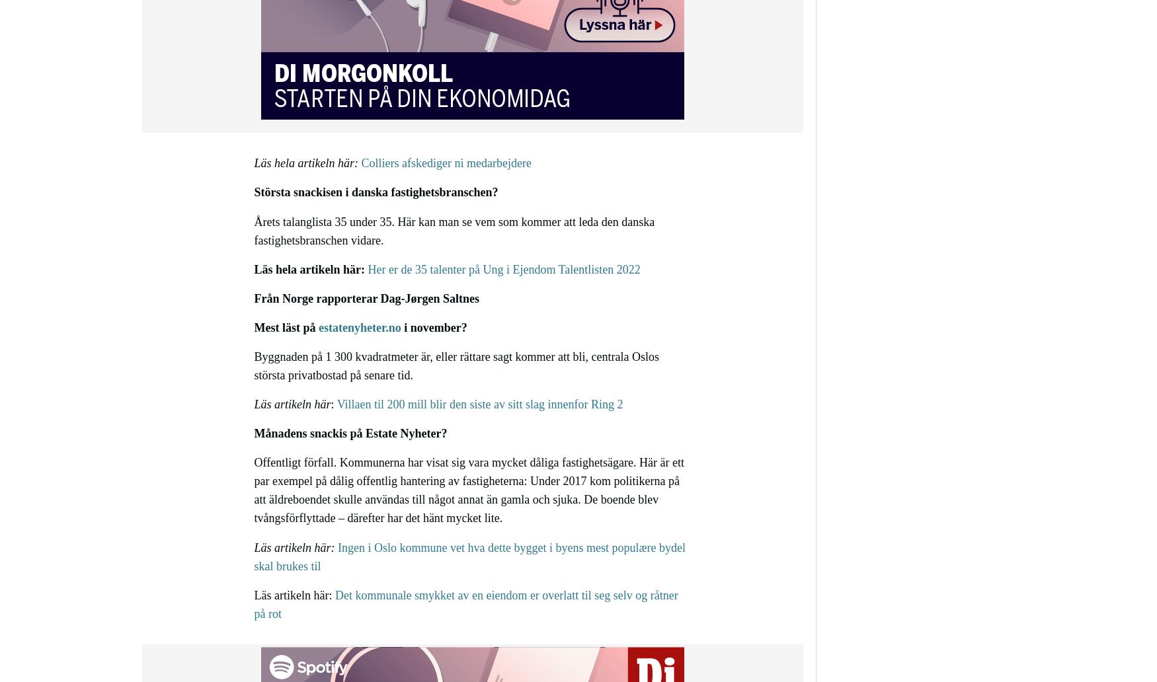  I want to click on 'Läs artikeln här', so click(292, 404).